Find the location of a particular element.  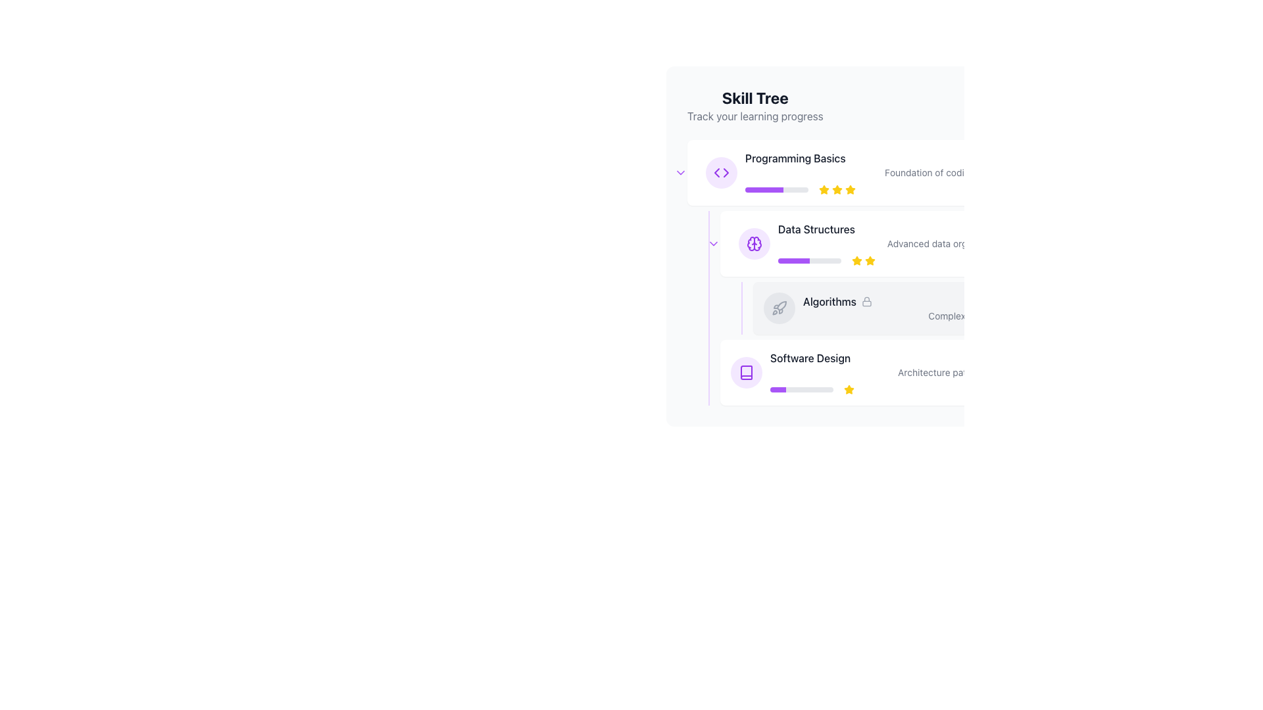

the first star icon in the three-star rating system located in the 'Data Structures' section is located at coordinates (856, 261).